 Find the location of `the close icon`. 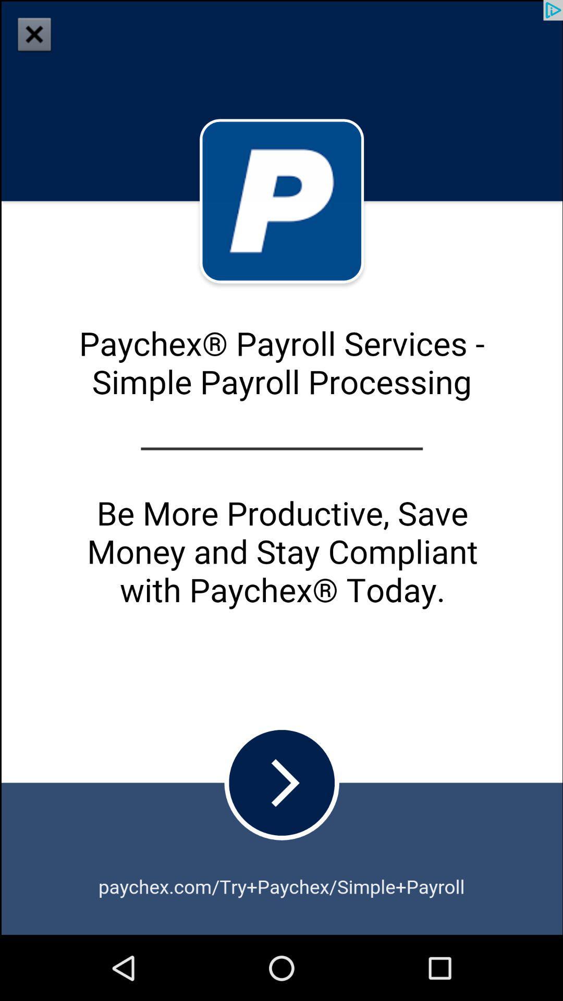

the close icon is located at coordinates (33, 36).